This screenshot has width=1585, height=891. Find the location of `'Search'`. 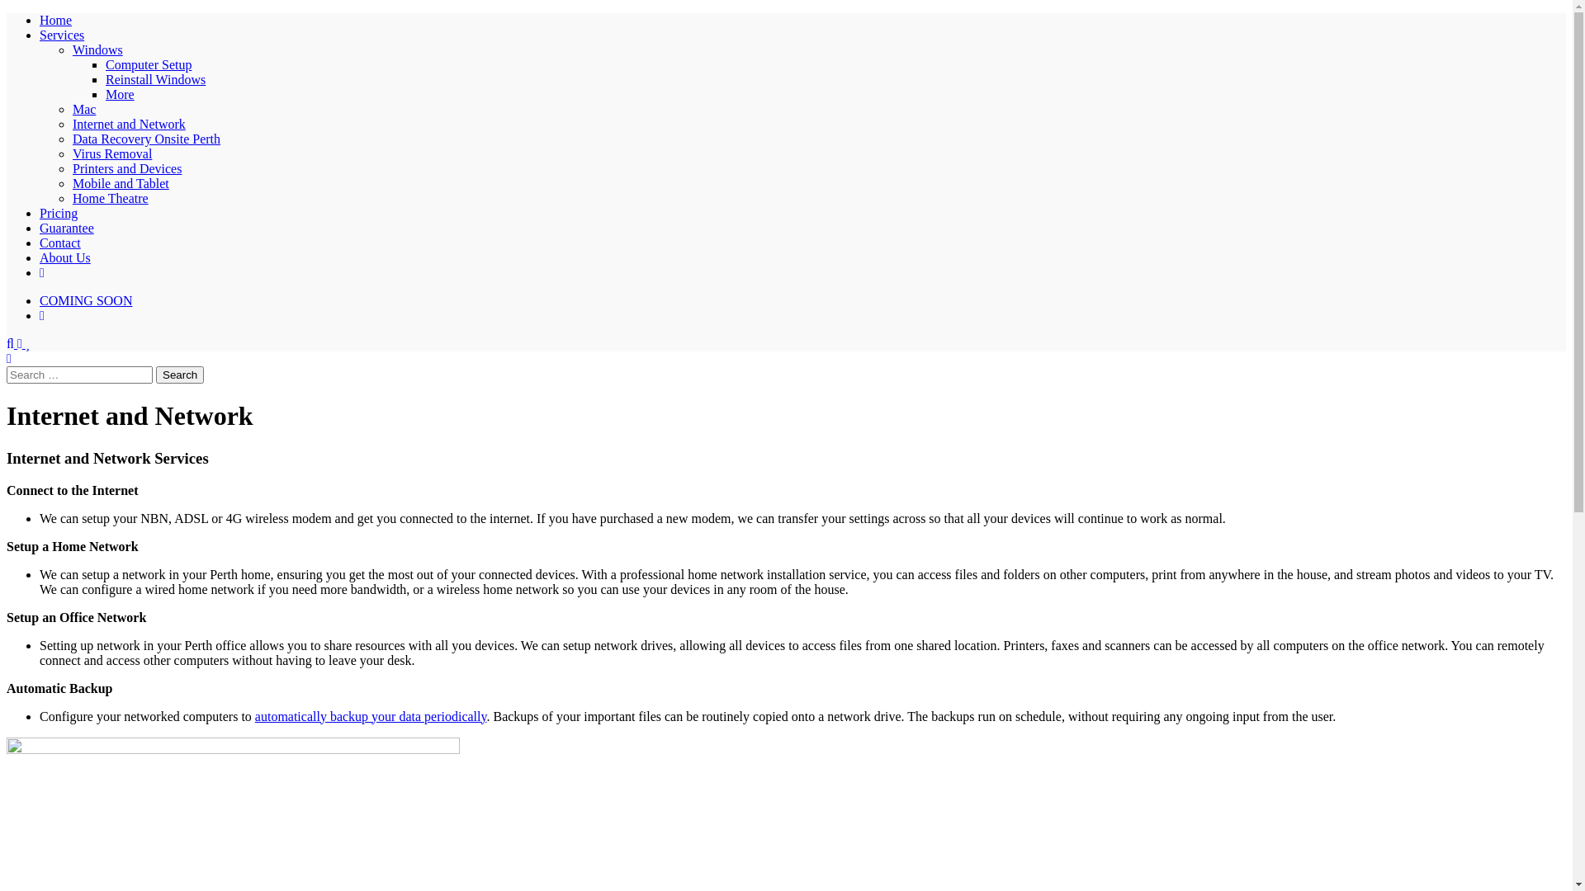

'Search' is located at coordinates (179, 375).